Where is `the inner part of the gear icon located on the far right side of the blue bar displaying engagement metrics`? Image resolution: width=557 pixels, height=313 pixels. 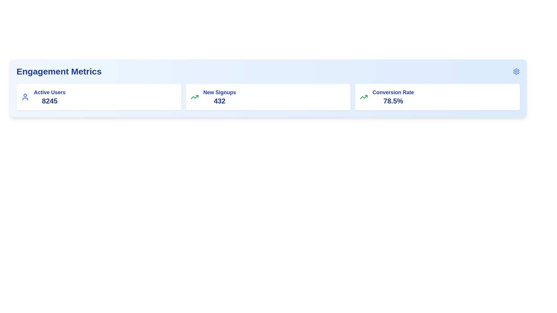
the inner part of the gear icon located on the far right side of the blue bar displaying engagement metrics is located at coordinates (516, 71).